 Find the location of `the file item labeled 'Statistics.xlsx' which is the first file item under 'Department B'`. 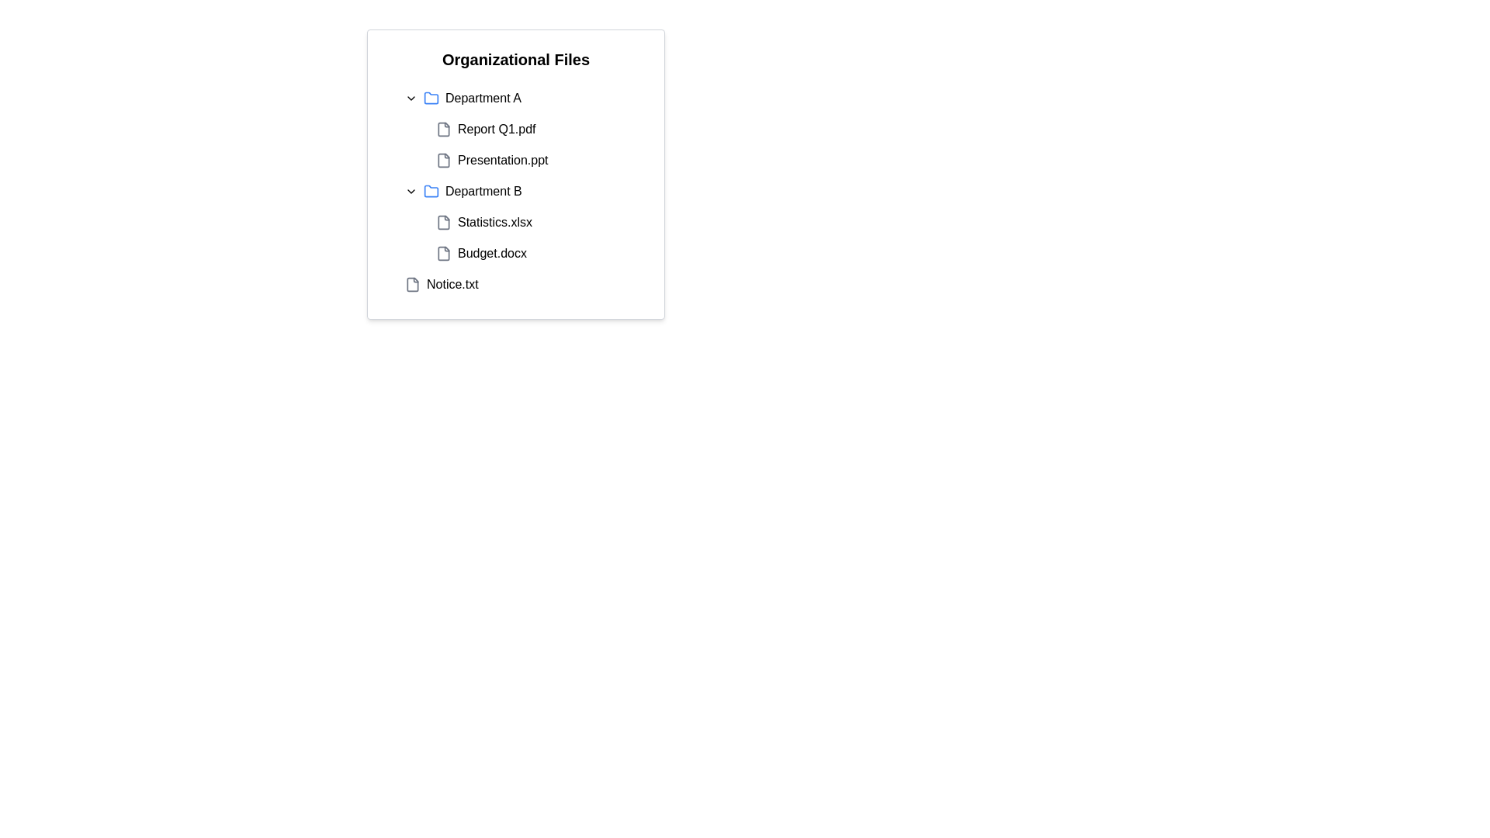

the file item labeled 'Statistics.xlsx' which is the first file item under 'Department B' is located at coordinates (483, 222).